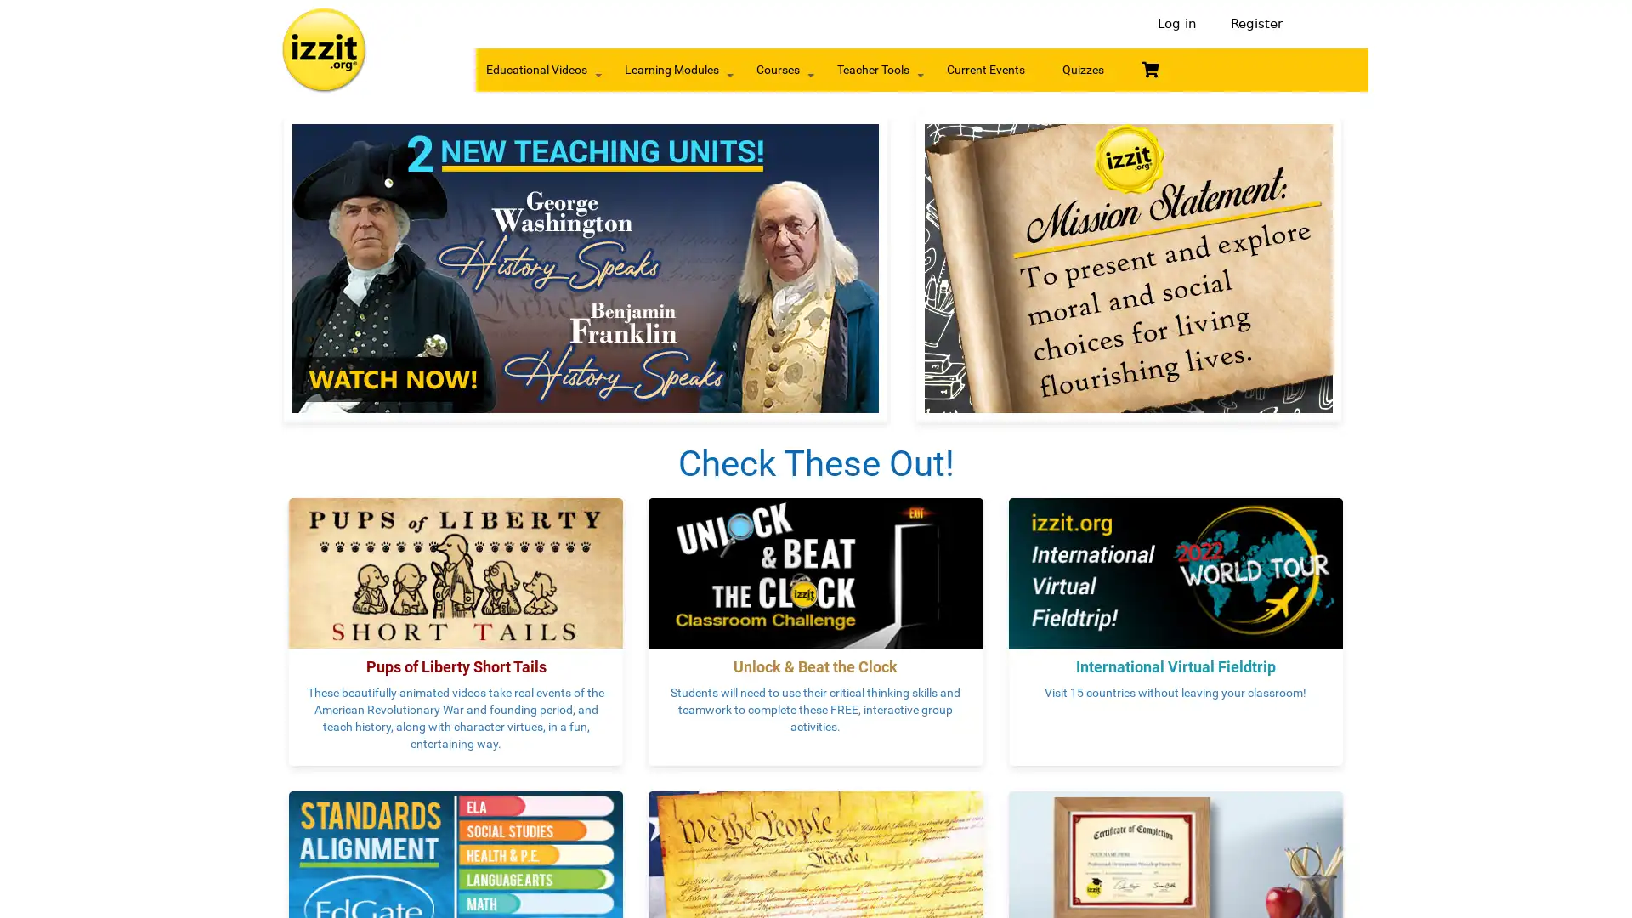 The width and height of the screenshot is (1632, 918). I want to click on Log in, so click(1176, 24).